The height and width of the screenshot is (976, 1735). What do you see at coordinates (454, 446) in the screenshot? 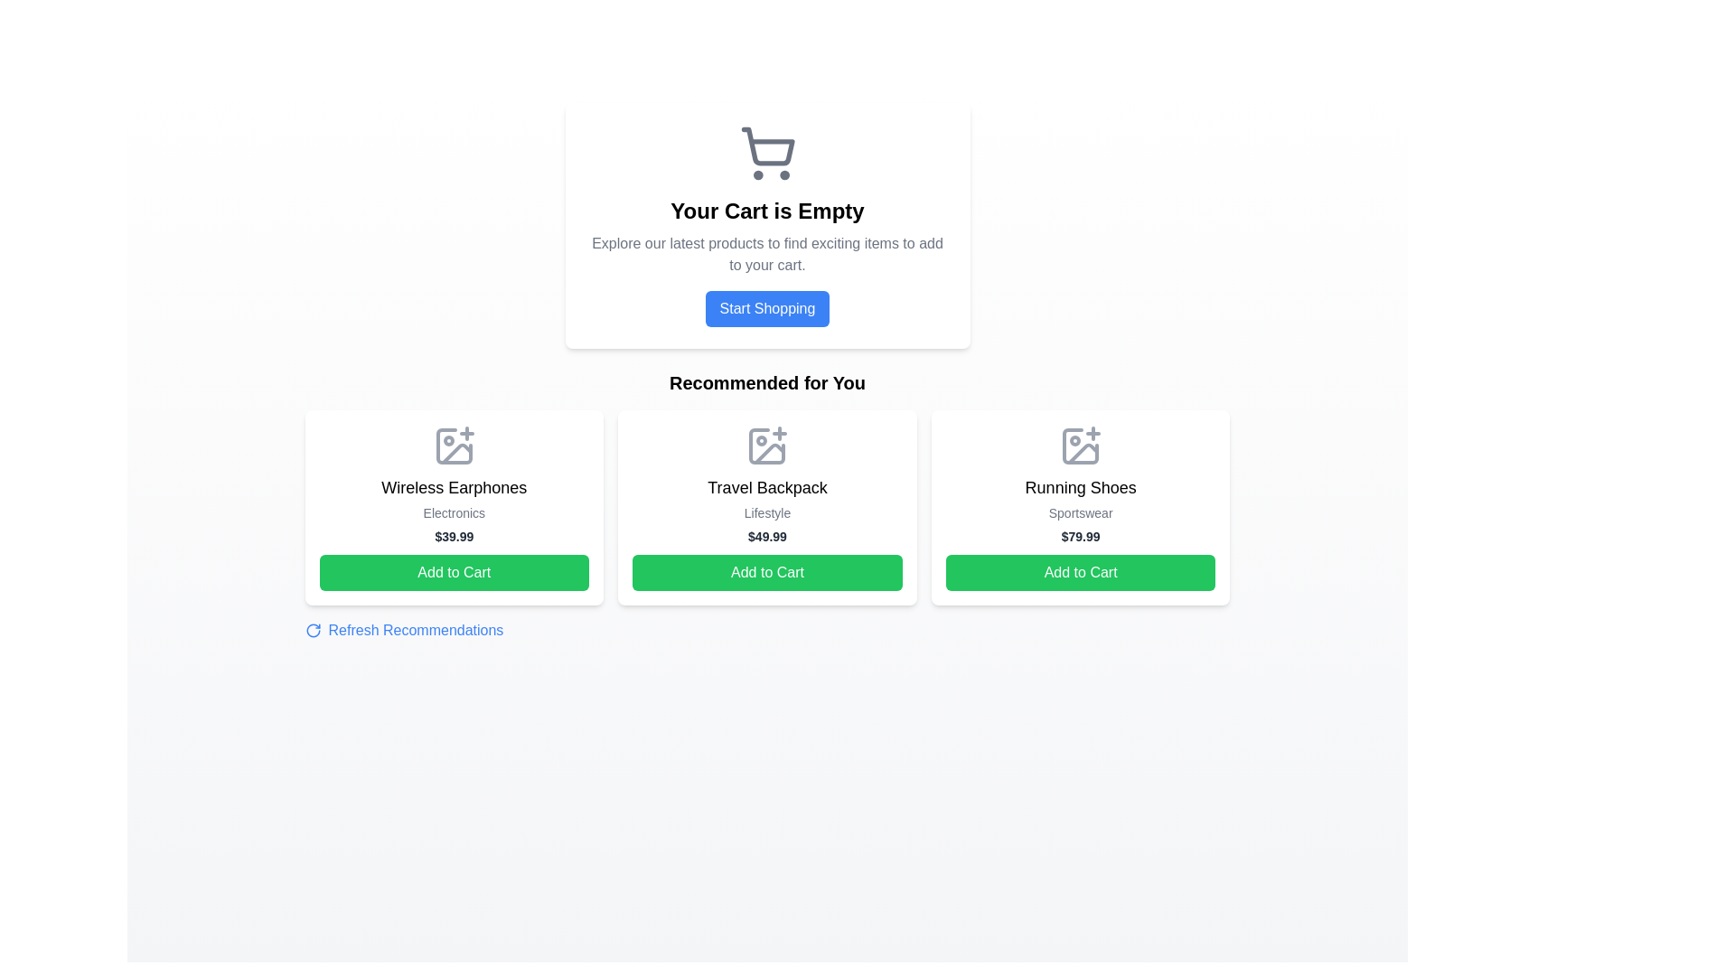
I see `the Vector graphic icon representing an image located at the top of the card labeled 'Wireless Earphones' in the 'Recommended for You' section` at bounding box center [454, 446].